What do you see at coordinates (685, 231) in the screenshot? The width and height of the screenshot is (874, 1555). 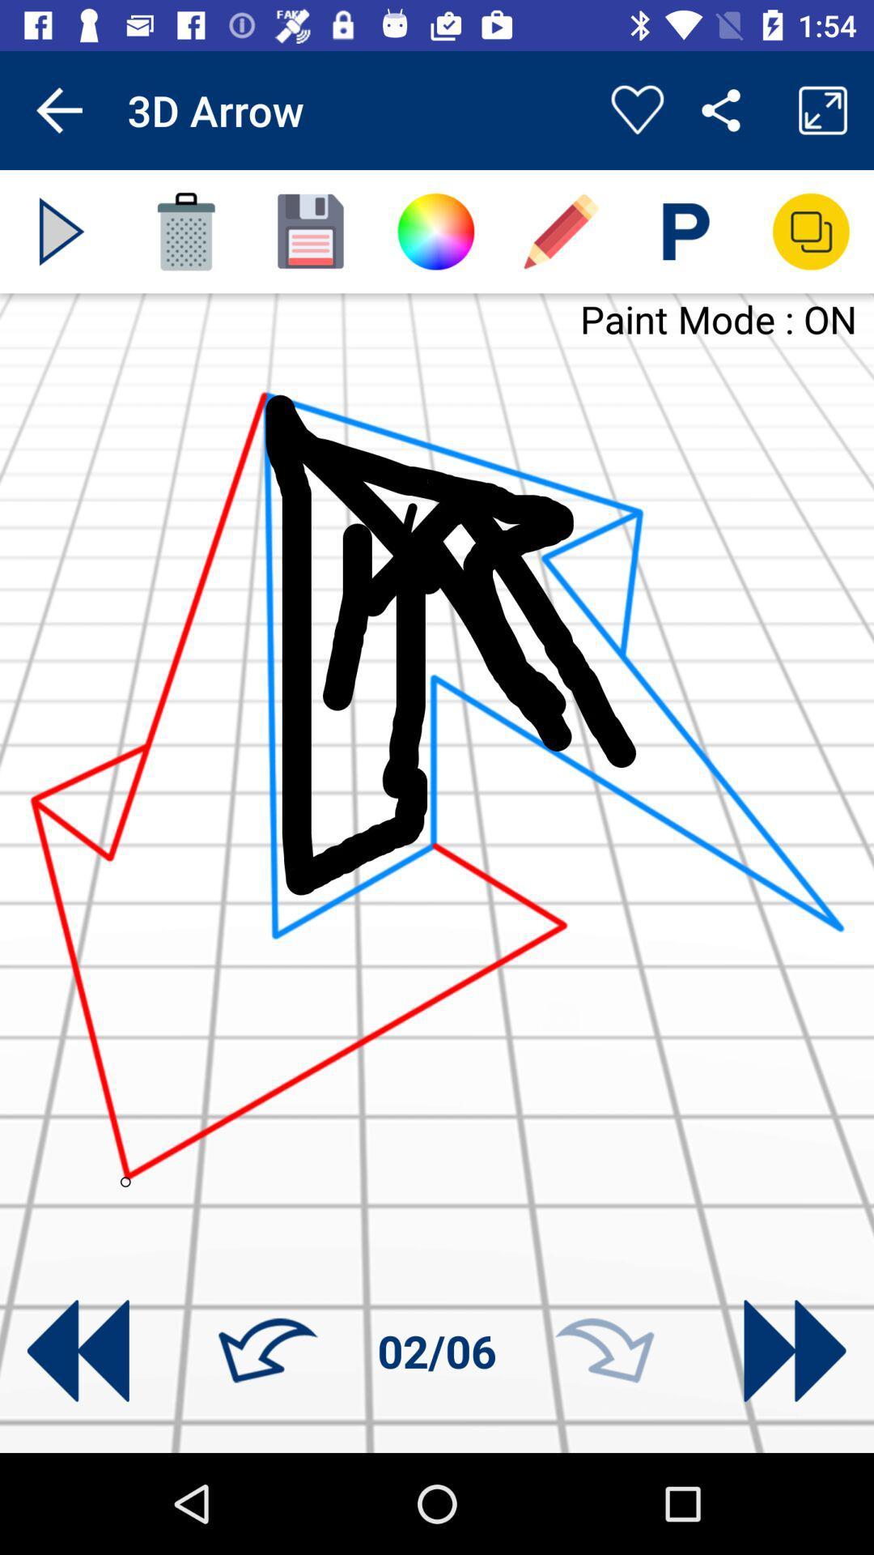 I see `write text` at bounding box center [685, 231].